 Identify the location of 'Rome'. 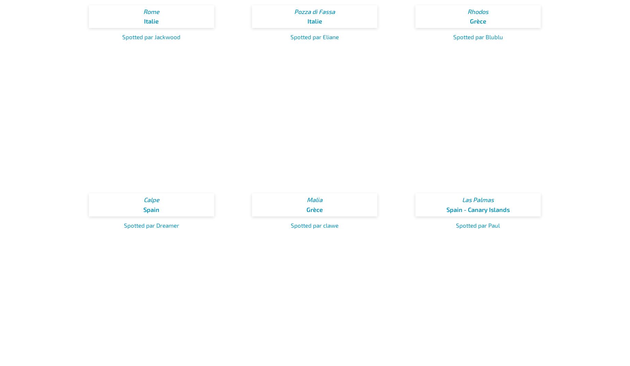
(143, 11).